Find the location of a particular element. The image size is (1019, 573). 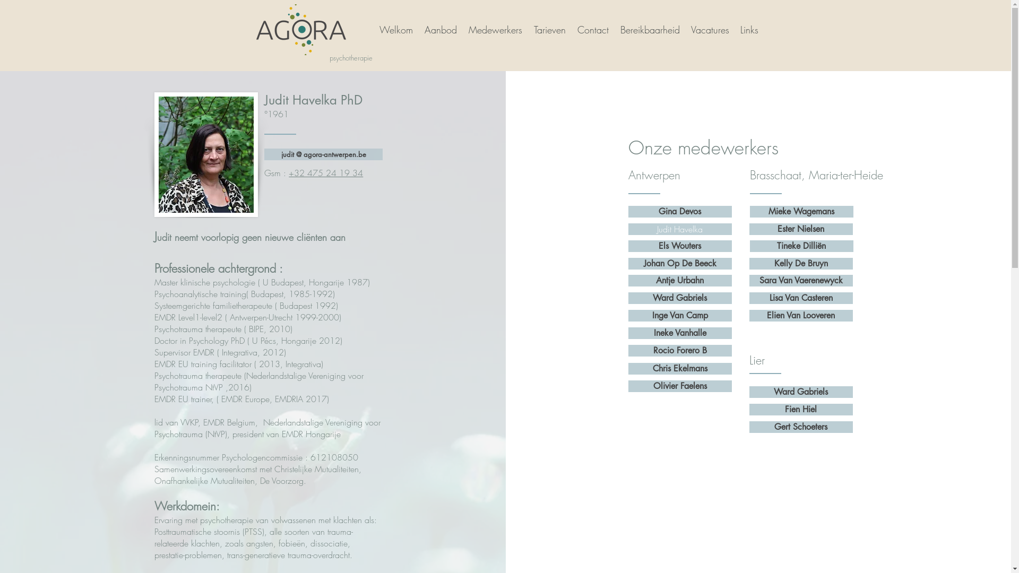

'judit @ agora-antwerpen.be' is located at coordinates (323, 154).